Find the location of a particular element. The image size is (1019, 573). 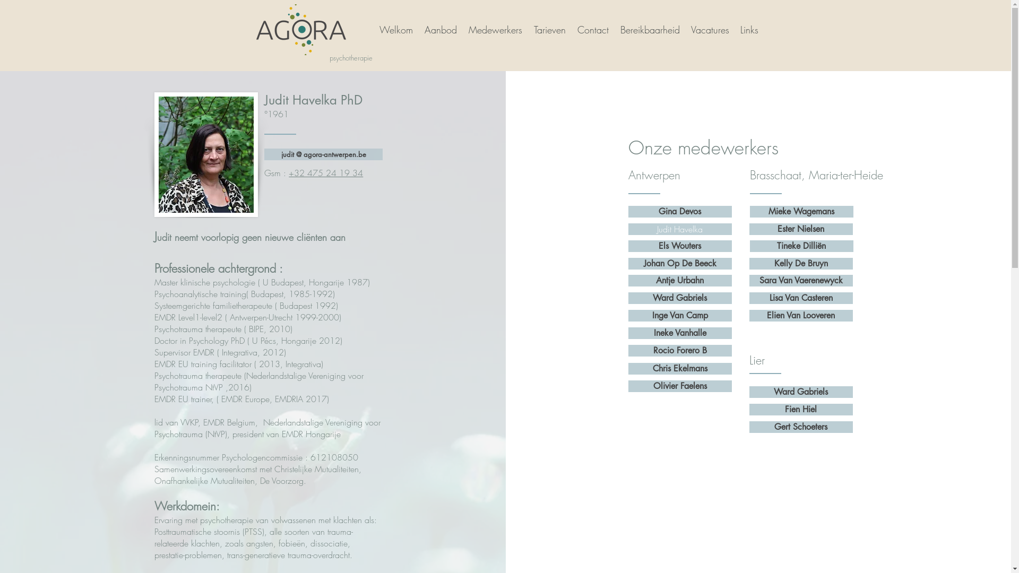

'judit @ agora-antwerpen.be' is located at coordinates (323, 154).